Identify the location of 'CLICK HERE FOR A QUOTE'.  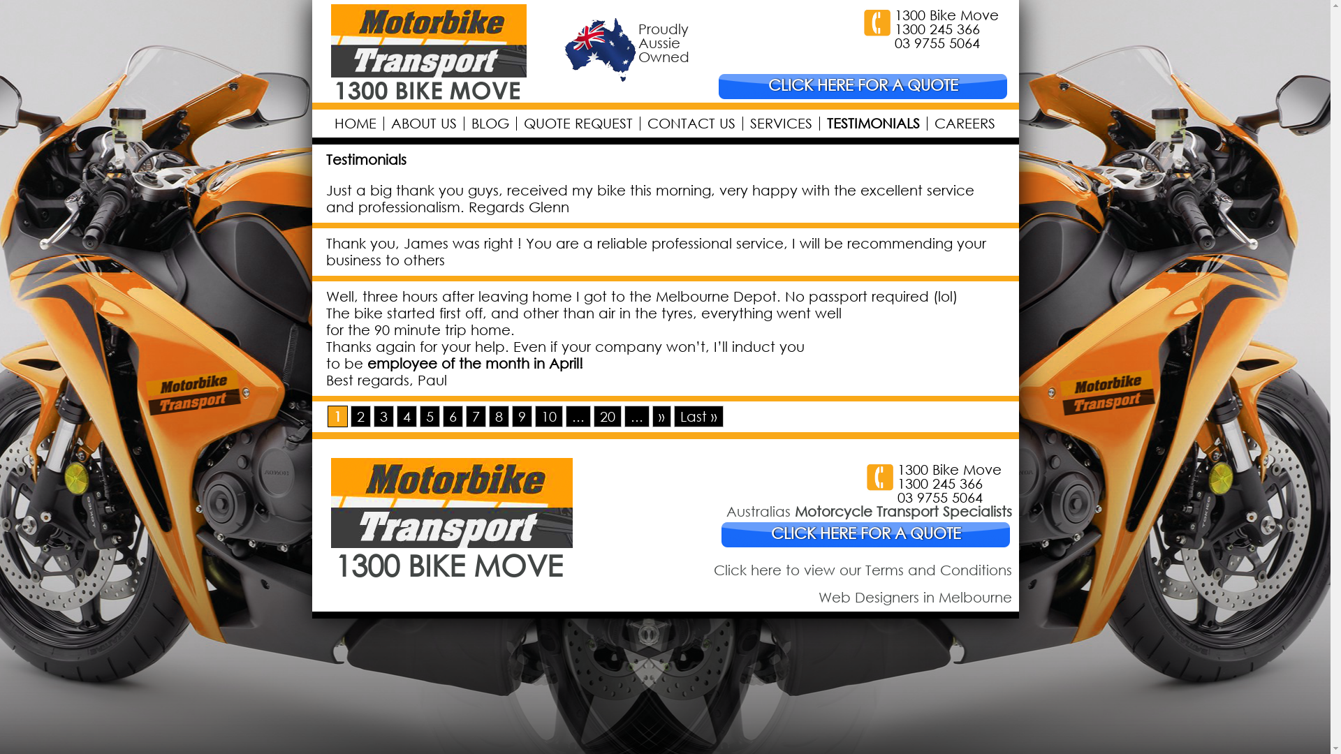
(863, 84).